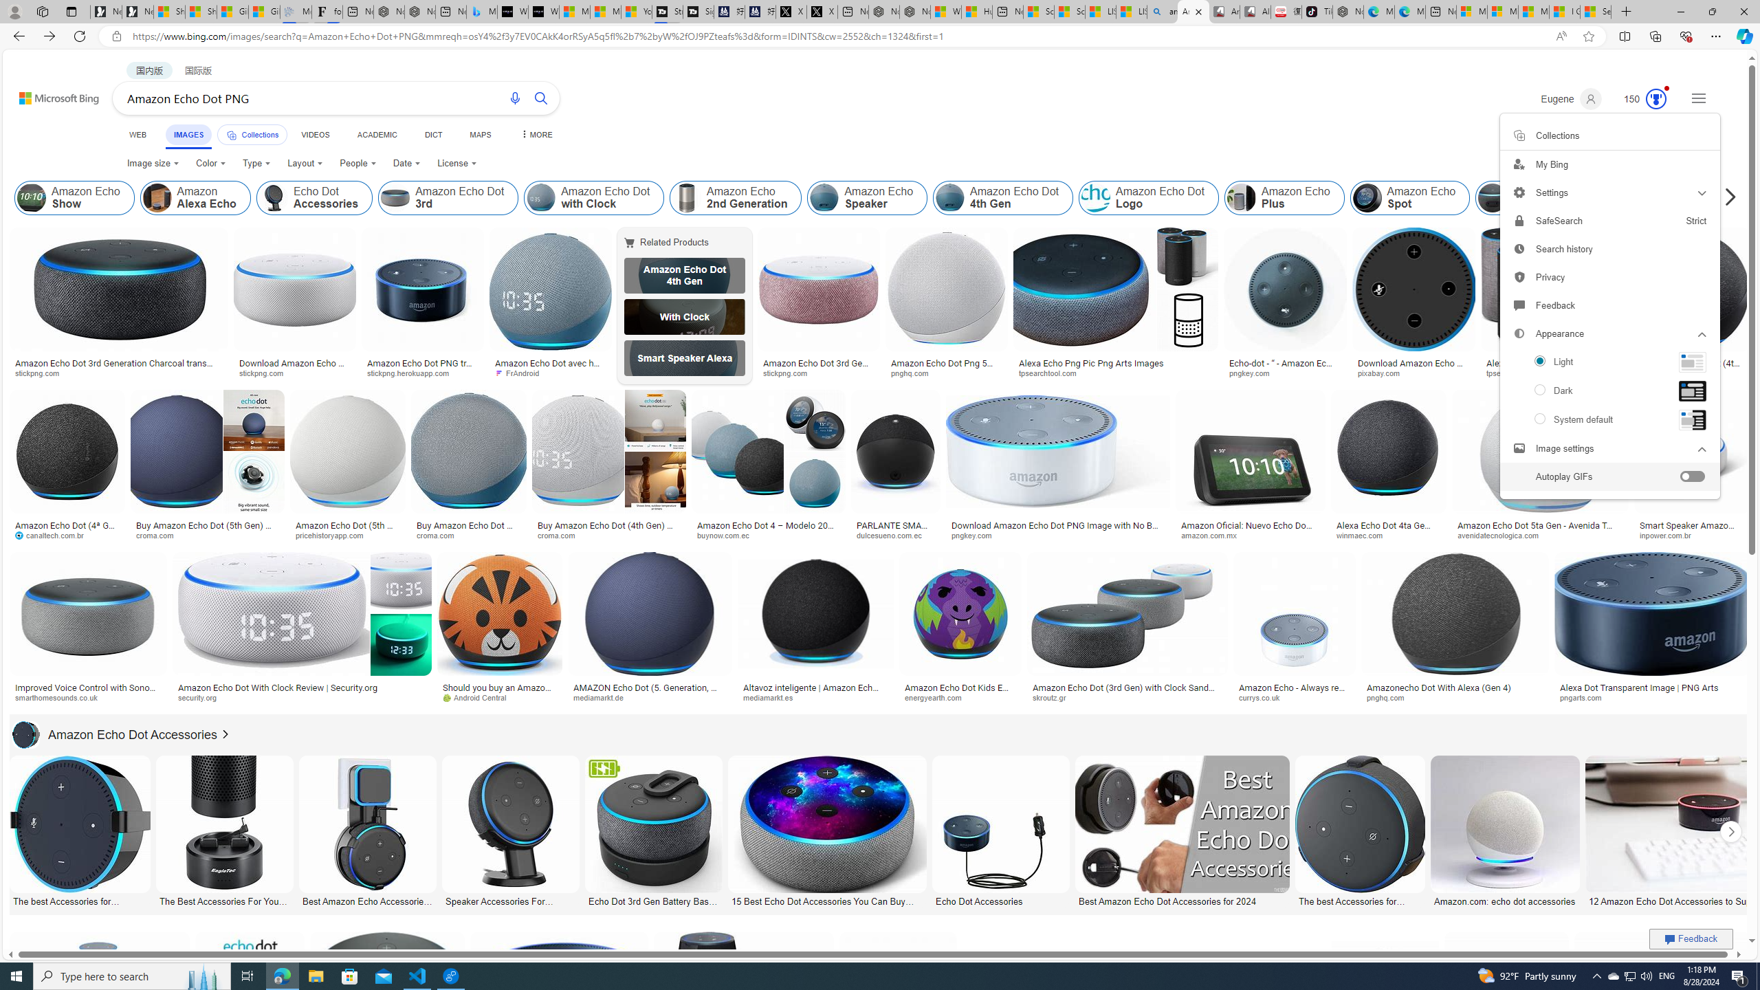 The width and height of the screenshot is (1760, 990). I want to click on 'Search history', so click(1609, 248).